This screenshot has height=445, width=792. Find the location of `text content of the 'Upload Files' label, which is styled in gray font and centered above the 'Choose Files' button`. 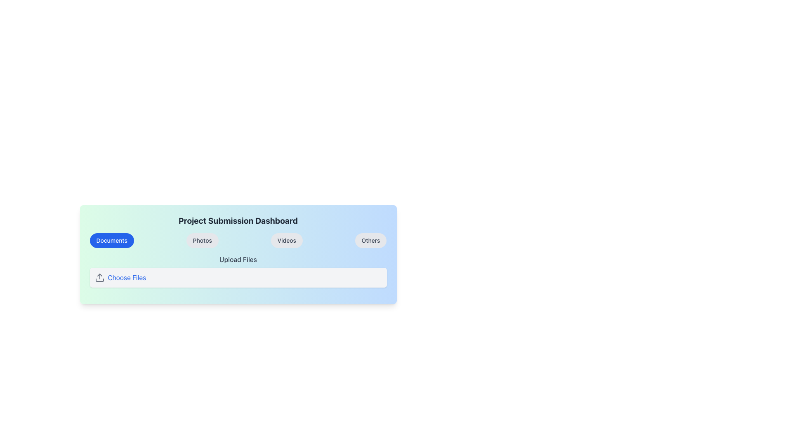

text content of the 'Upload Files' label, which is styled in gray font and centered above the 'Choose Files' button is located at coordinates (238, 259).